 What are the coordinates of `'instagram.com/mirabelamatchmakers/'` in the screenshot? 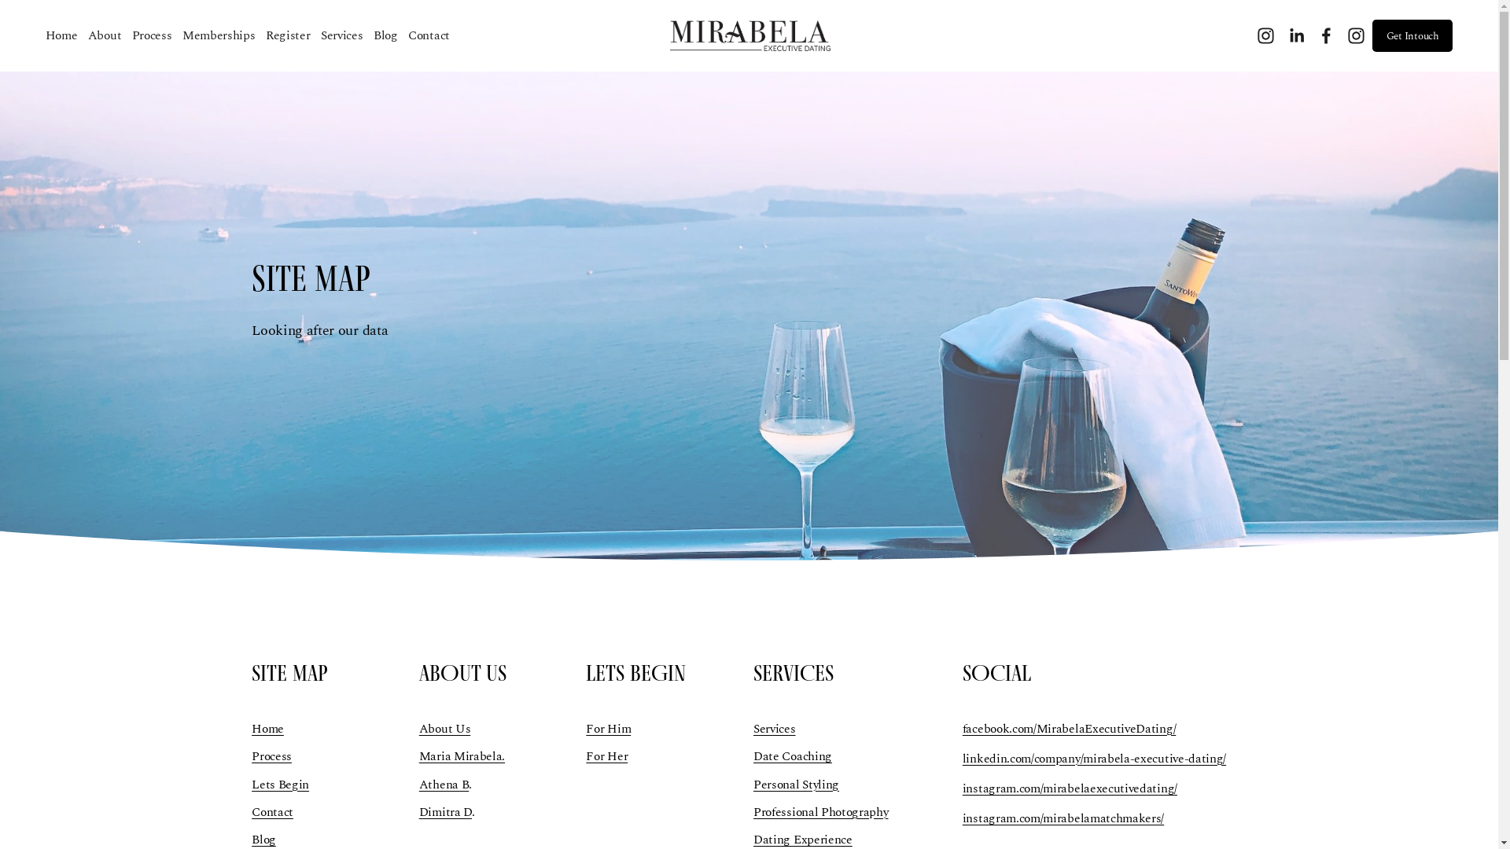 It's located at (1063, 818).